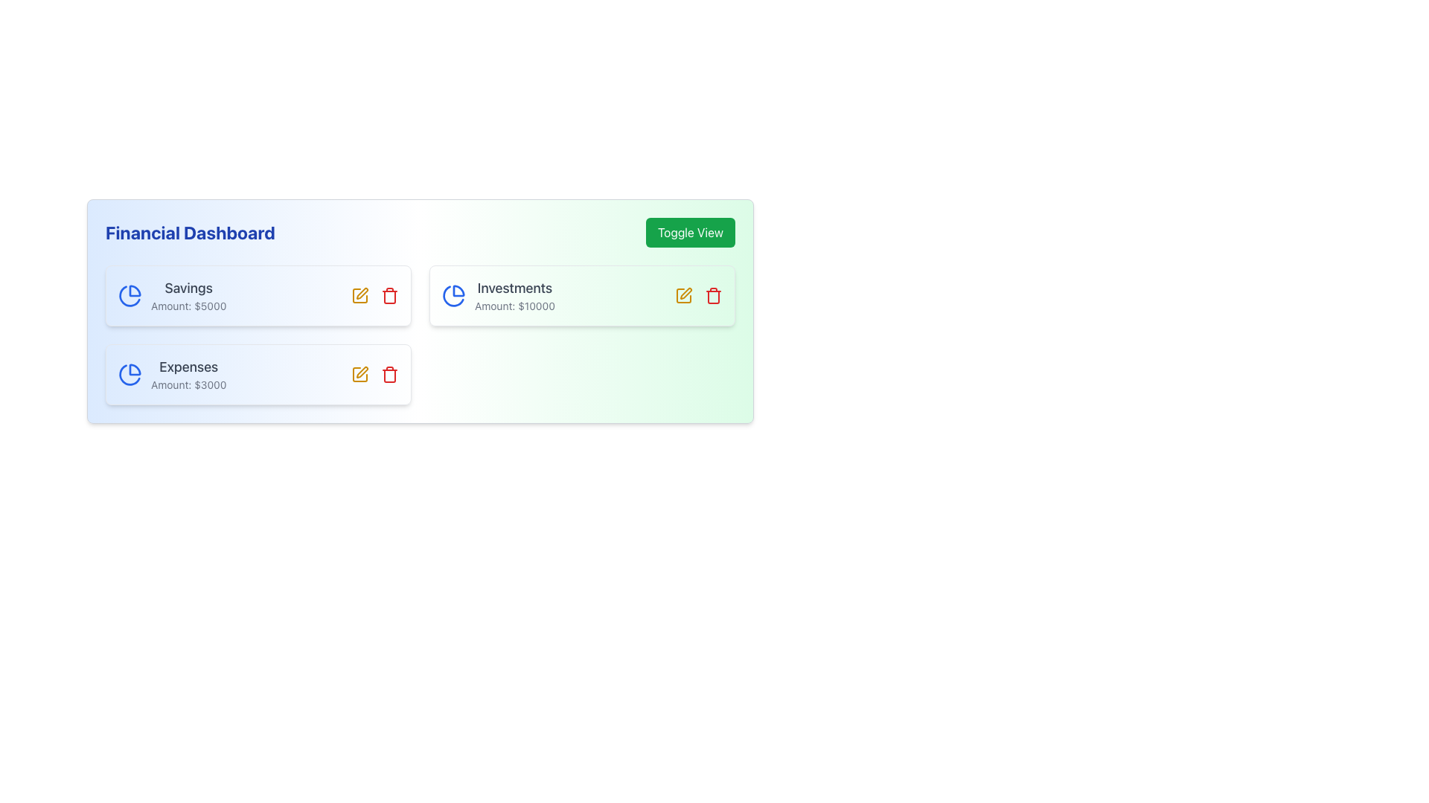  What do you see at coordinates (375, 295) in the screenshot?
I see `the pencil icon located in the action group for the 'Savings' card` at bounding box center [375, 295].